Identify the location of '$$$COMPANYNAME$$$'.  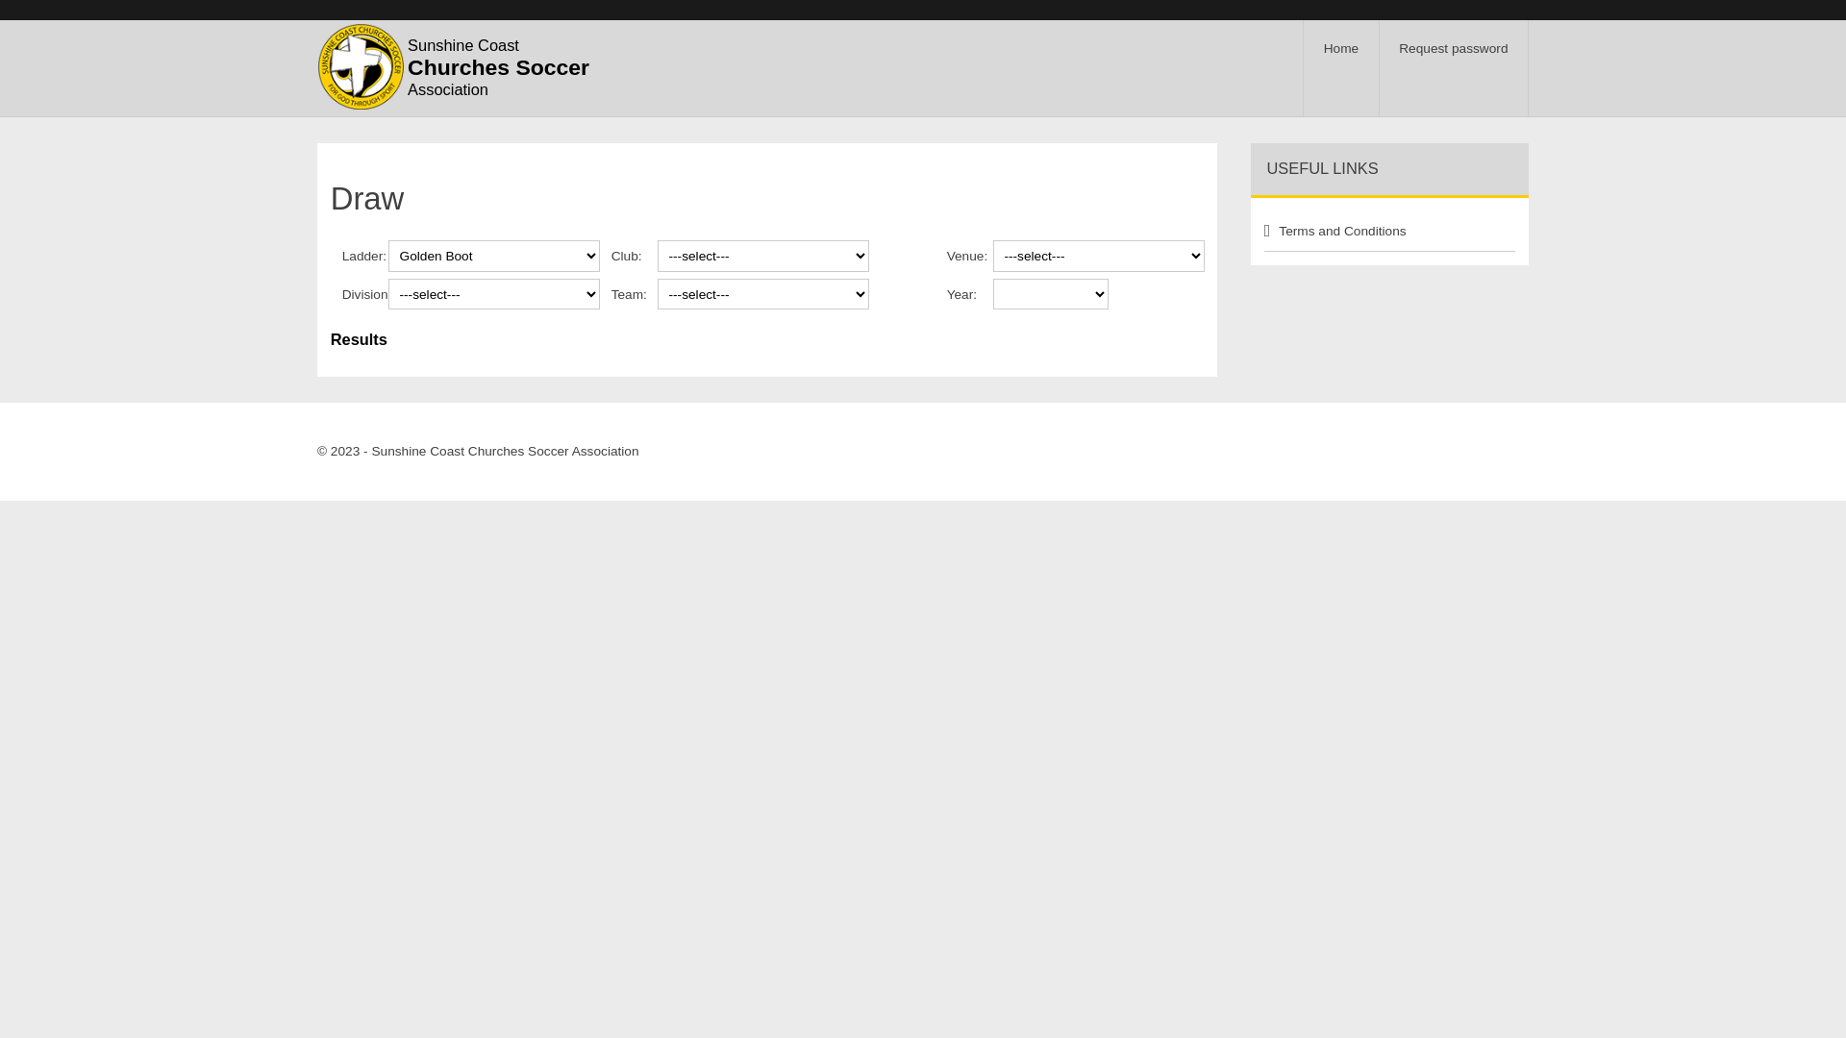
(360, 65).